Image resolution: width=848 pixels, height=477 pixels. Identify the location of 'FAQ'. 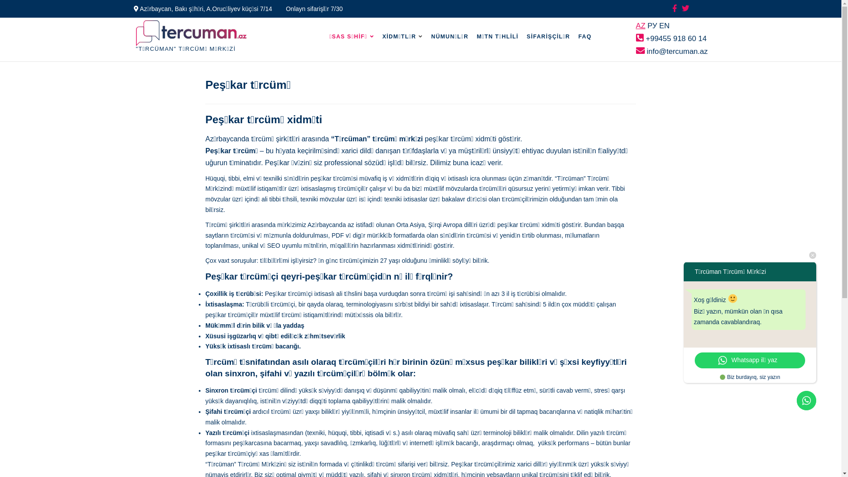
(572, 36).